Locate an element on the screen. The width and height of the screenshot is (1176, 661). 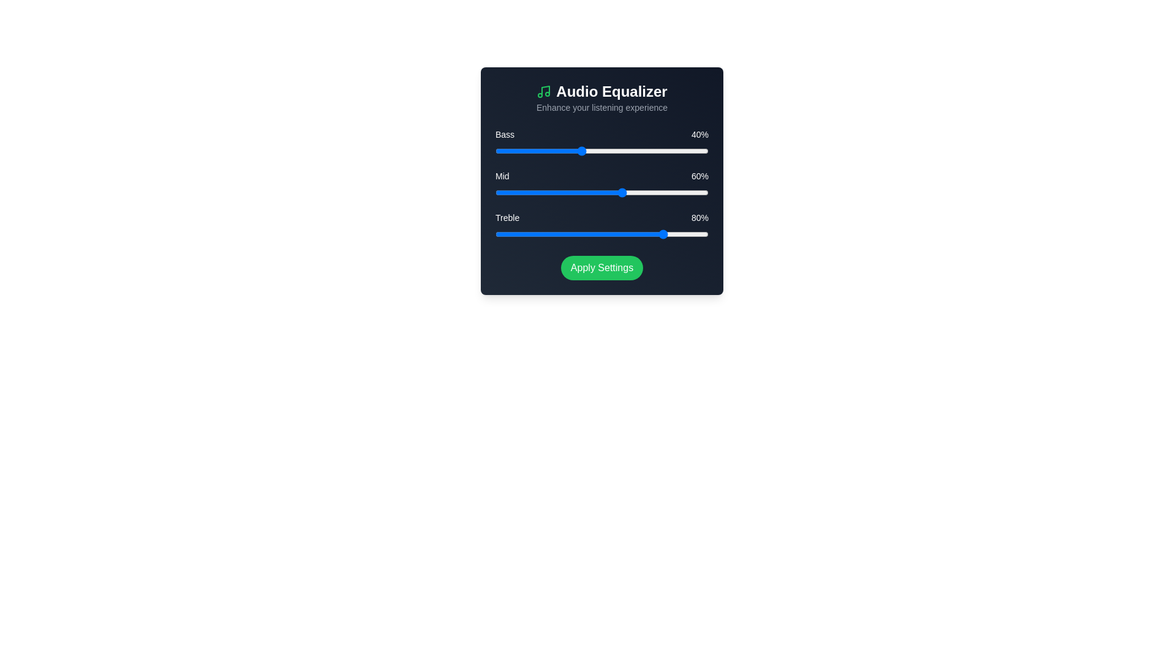
the AudioEqualizer component to bring up the context menu is located at coordinates (602, 181).